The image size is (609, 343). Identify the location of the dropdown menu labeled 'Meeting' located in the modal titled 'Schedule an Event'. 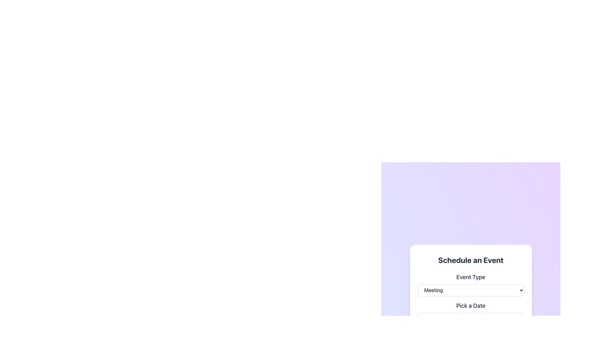
(471, 290).